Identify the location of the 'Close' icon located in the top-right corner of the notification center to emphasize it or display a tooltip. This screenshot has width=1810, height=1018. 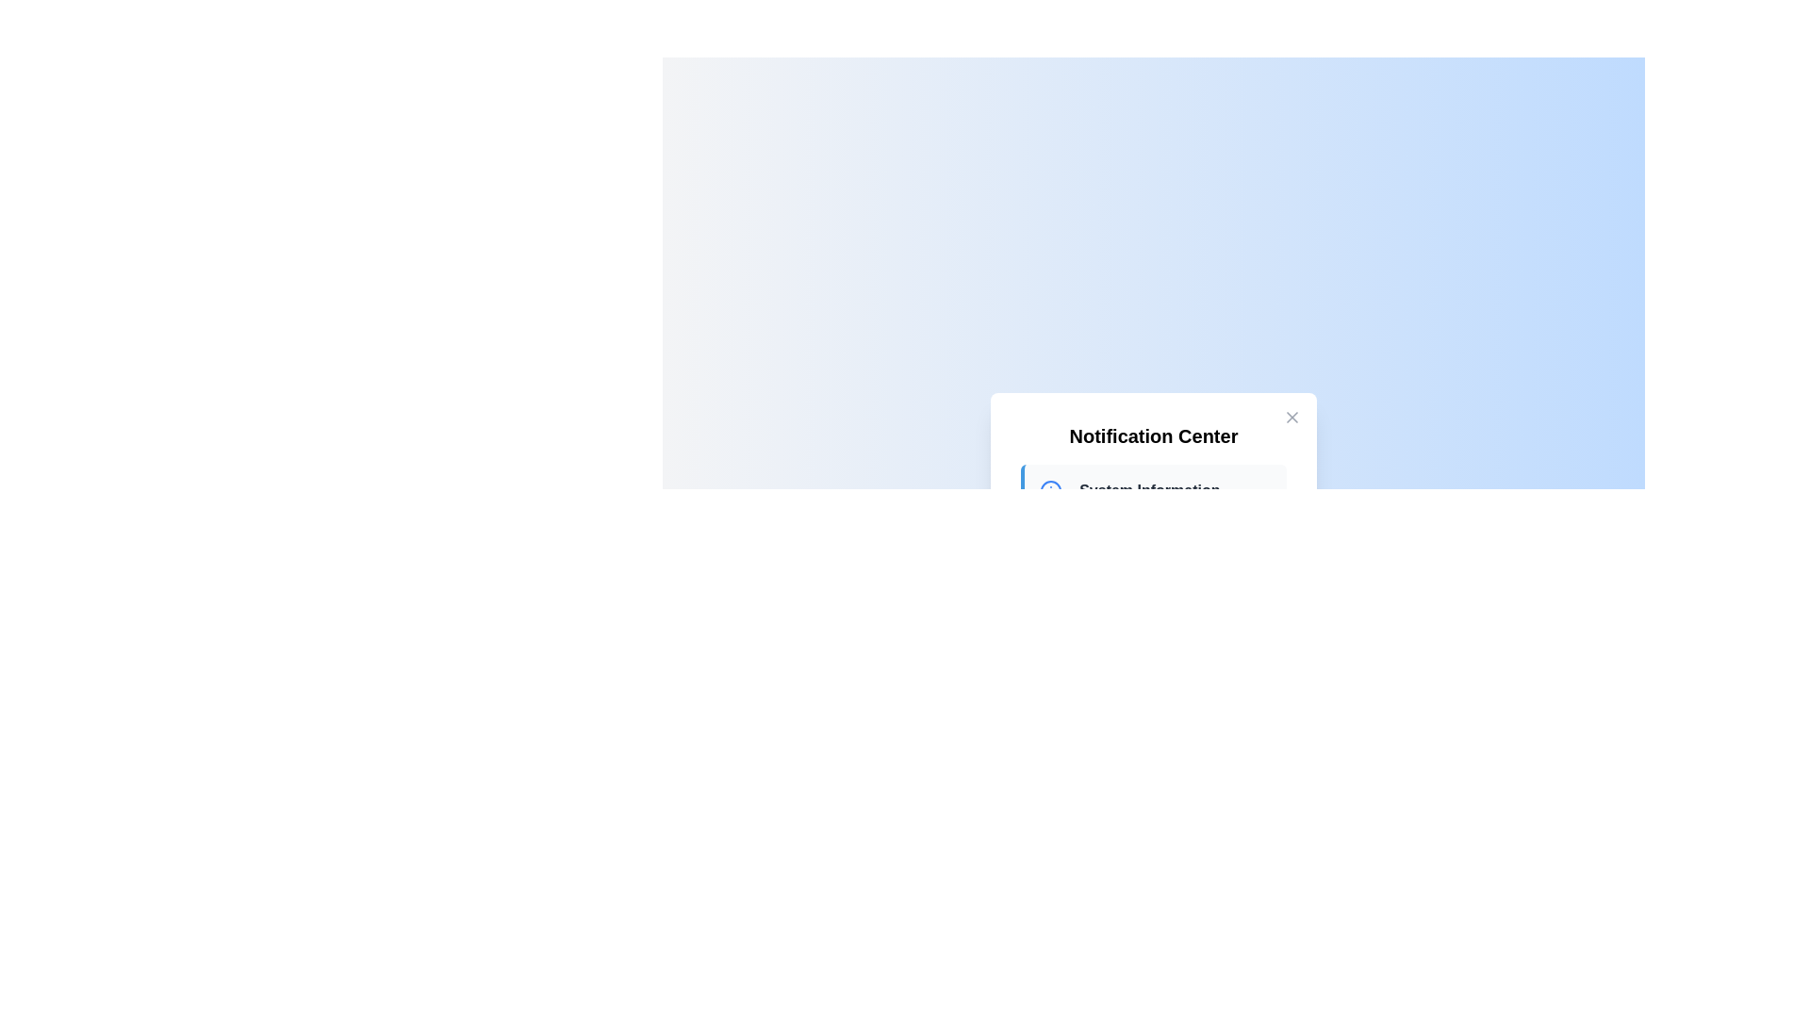
(1292, 417).